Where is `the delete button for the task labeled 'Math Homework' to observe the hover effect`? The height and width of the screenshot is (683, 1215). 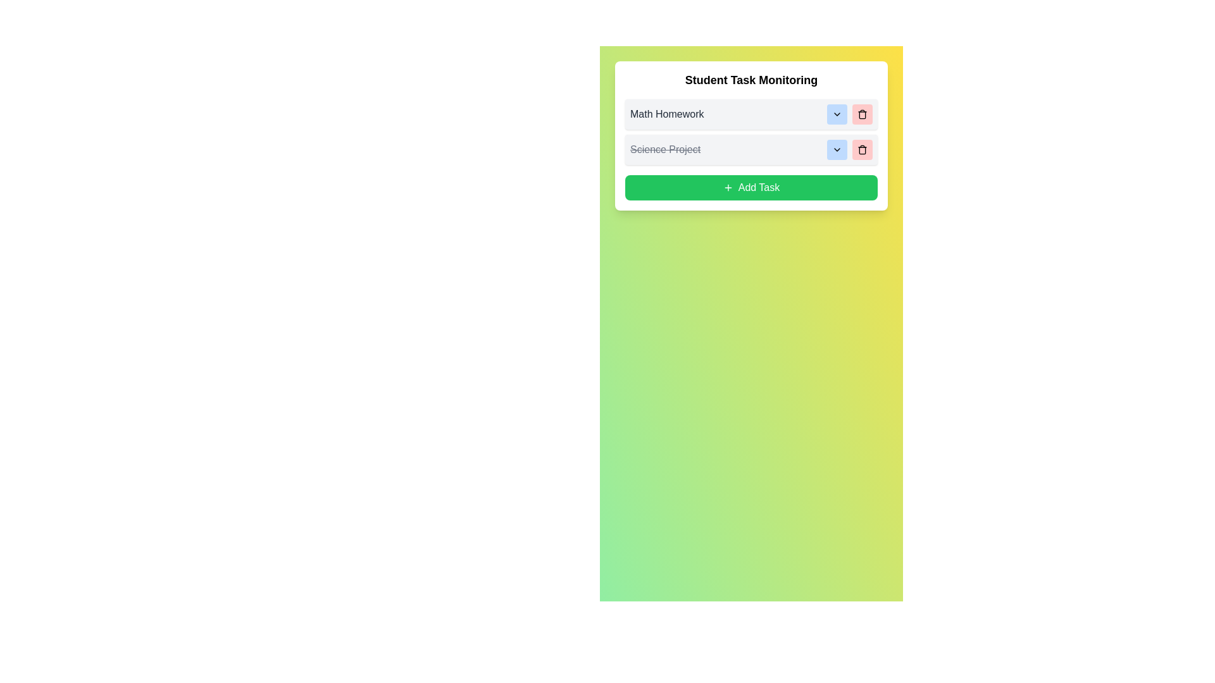
the delete button for the task labeled 'Math Homework' to observe the hover effect is located at coordinates (862, 114).